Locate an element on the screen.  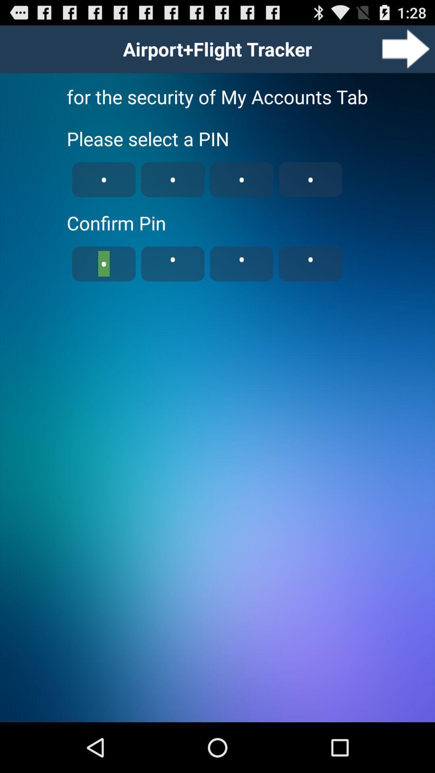
the third code box below confirm pin is located at coordinates (241, 264).